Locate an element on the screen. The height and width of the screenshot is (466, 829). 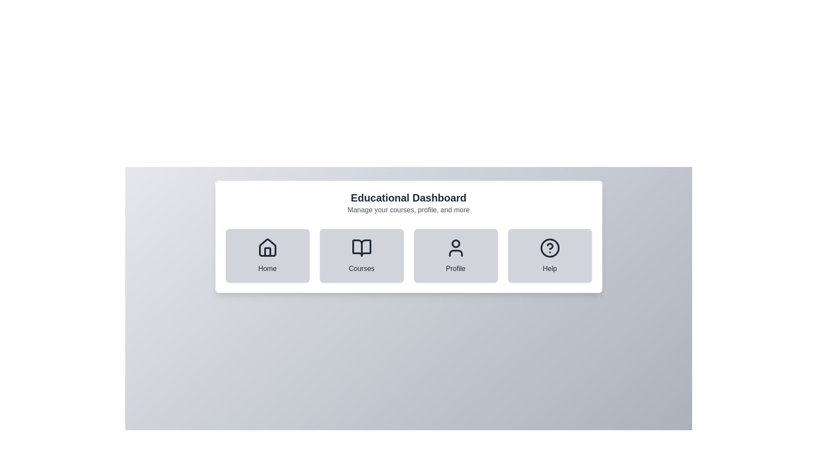
the 'Help' text label, which is styled in gray and indicates interactivity by darkening slightly upon hover, located in the bottom-right section of the dashboard under a question mark icon is located at coordinates (549, 268).